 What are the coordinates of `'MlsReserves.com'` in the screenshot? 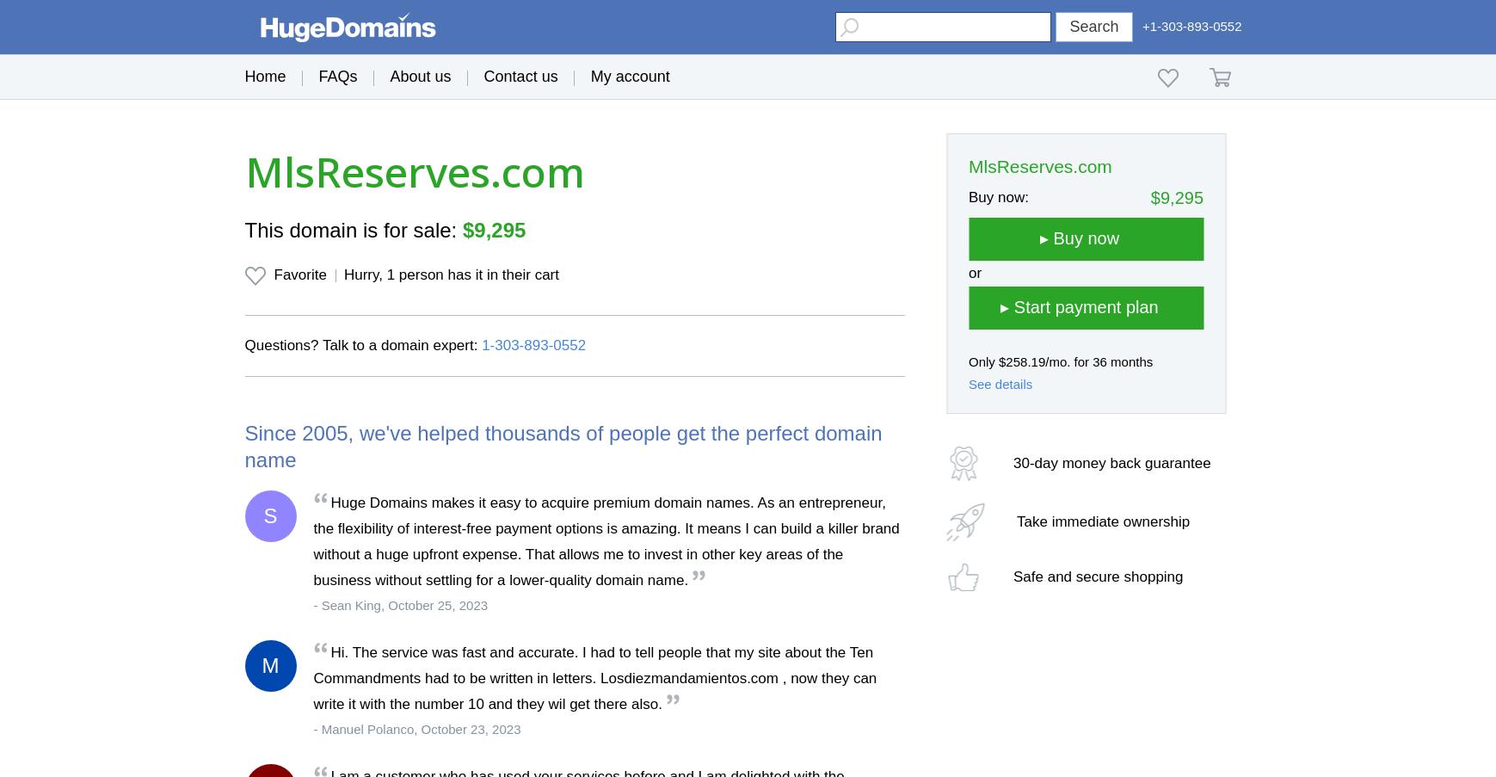 It's located at (414, 172).